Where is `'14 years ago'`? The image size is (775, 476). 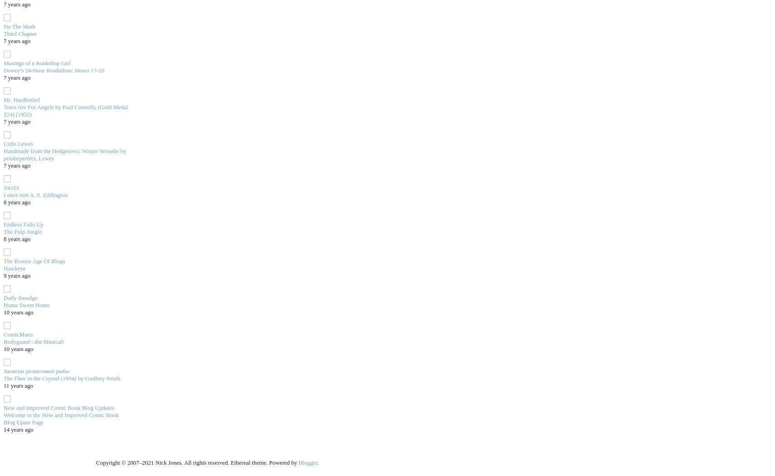 '14 years ago' is located at coordinates (18, 428).